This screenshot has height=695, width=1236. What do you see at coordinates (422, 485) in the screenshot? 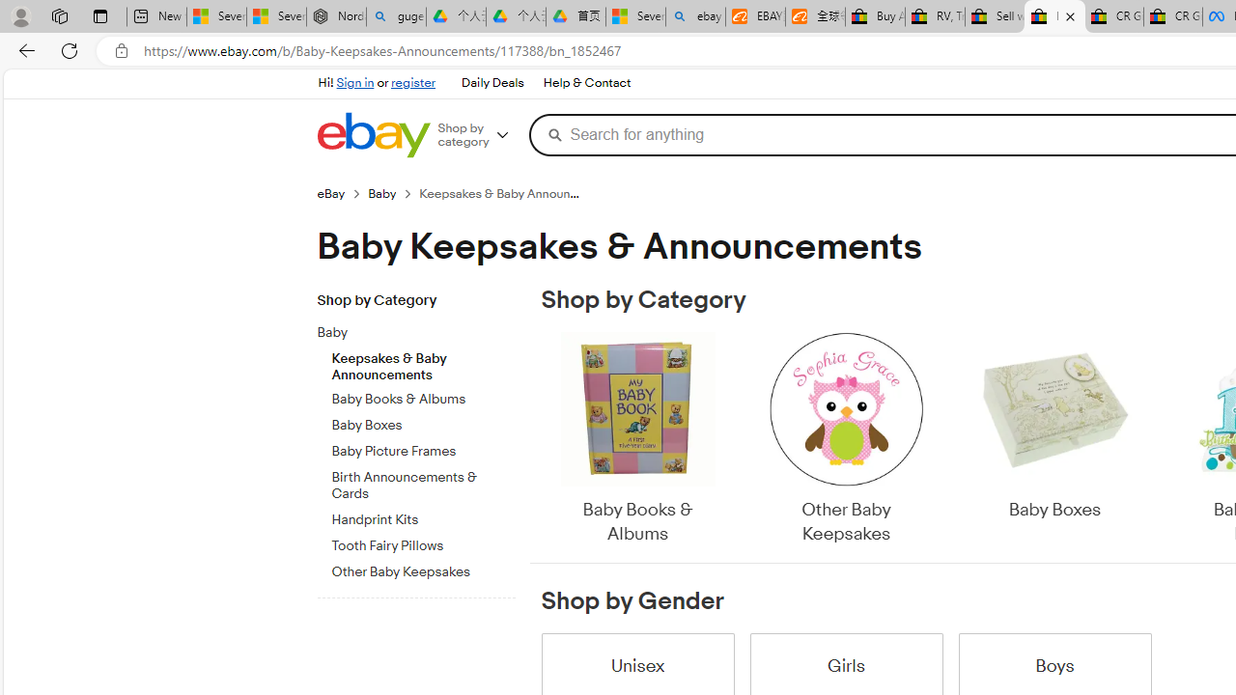
I see `'Birth Announcements & Cards'` at bounding box center [422, 485].